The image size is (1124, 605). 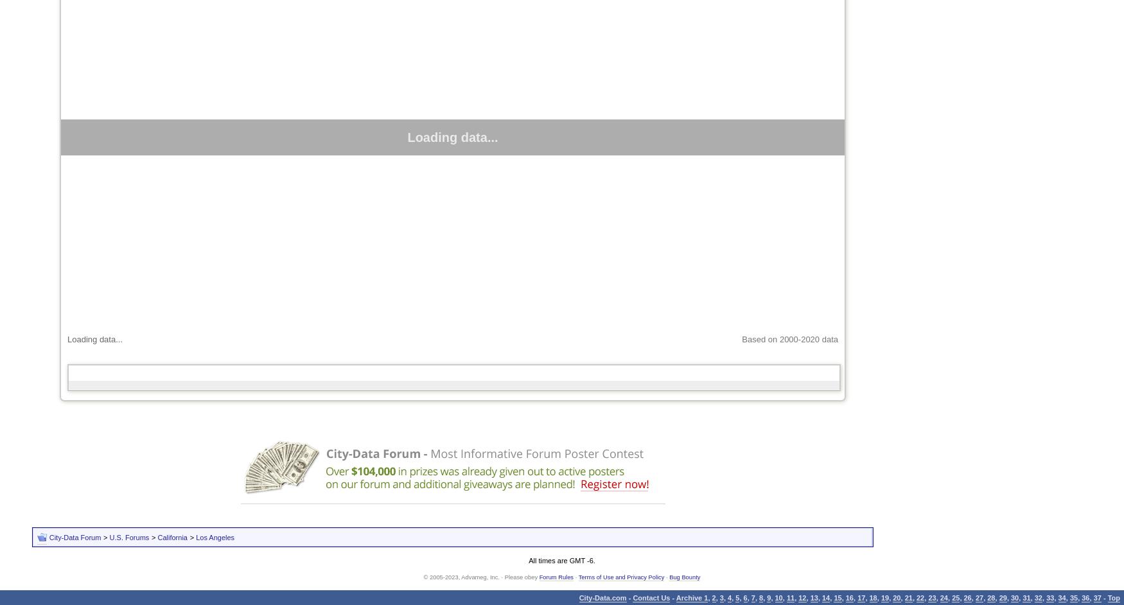 I want to click on '12', so click(x=798, y=597).